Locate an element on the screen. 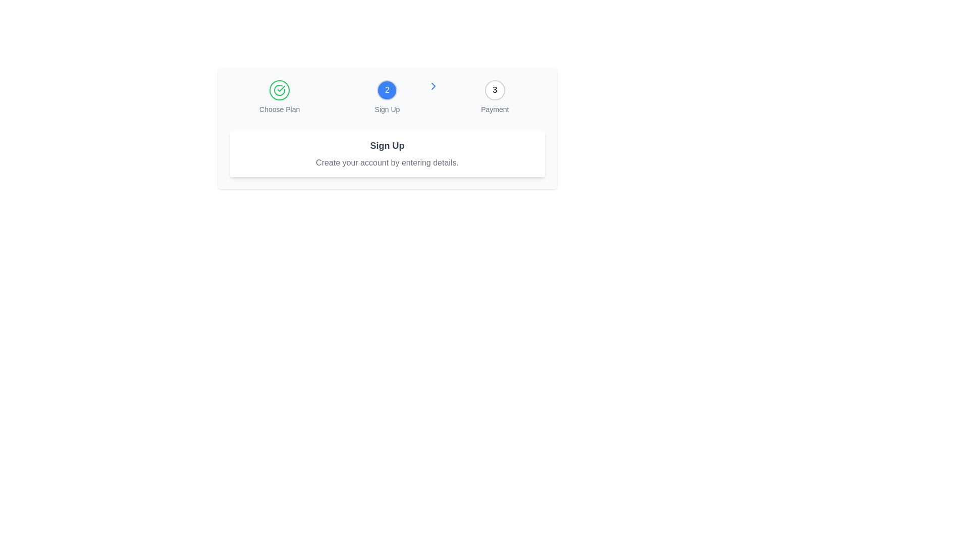 The image size is (969, 545). the numeral '2' displayed in medium font weight, white color, and set against a circular blue background, which is located in the center of the second circular button in a horizontal sequence of buttons is located at coordinates (387, 89).